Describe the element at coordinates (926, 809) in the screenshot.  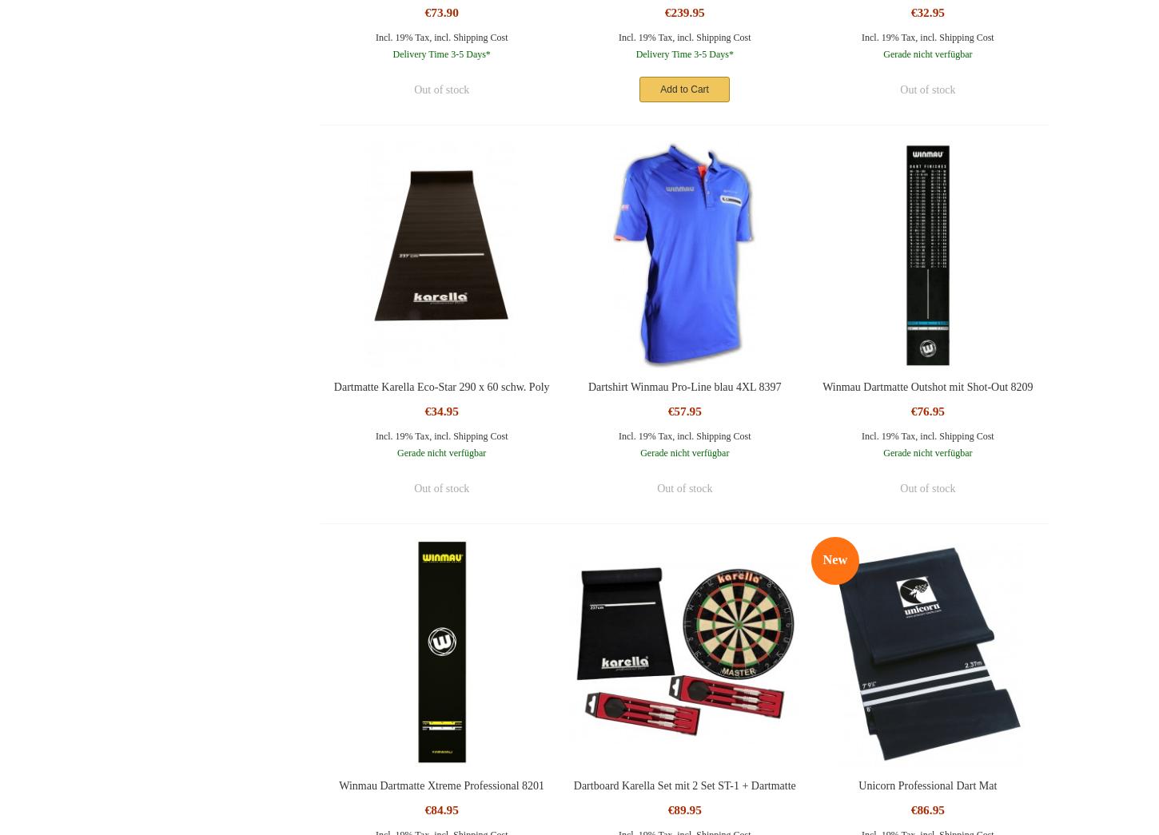
I see `'€86.95'` at that location.